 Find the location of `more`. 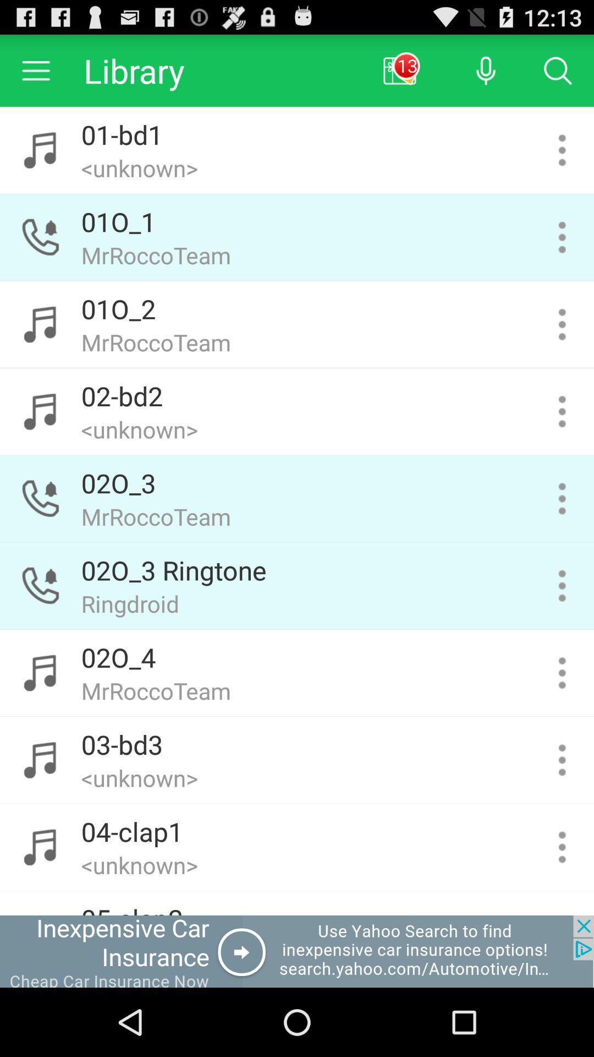

more is located at coordinates (562, 847).